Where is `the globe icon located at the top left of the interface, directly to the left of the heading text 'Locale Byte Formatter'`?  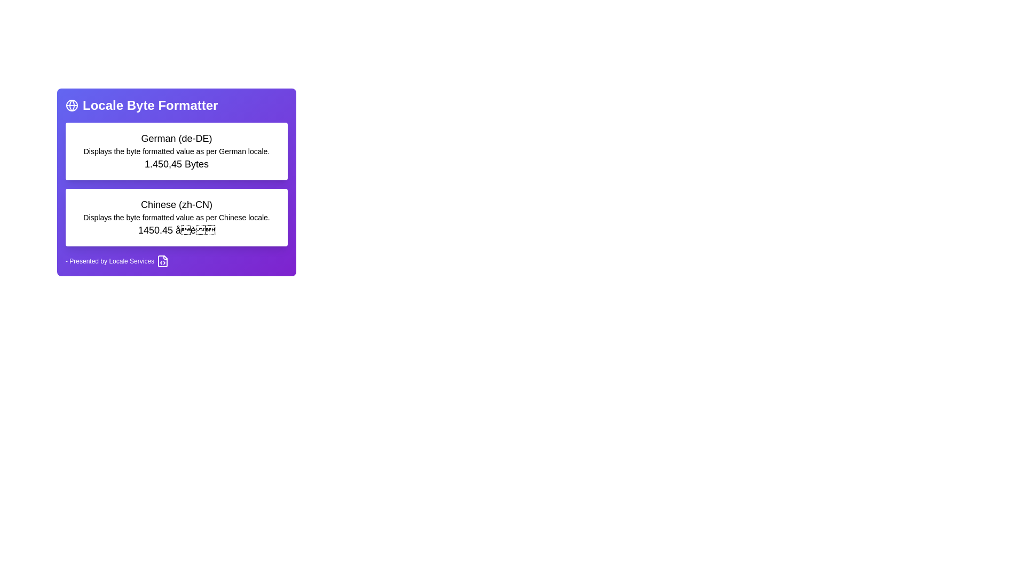
the globe icon located at the top left of the interface, directly to the left of the heading text 'Locale Byte Formatter' is located at coordinates (71, 105).